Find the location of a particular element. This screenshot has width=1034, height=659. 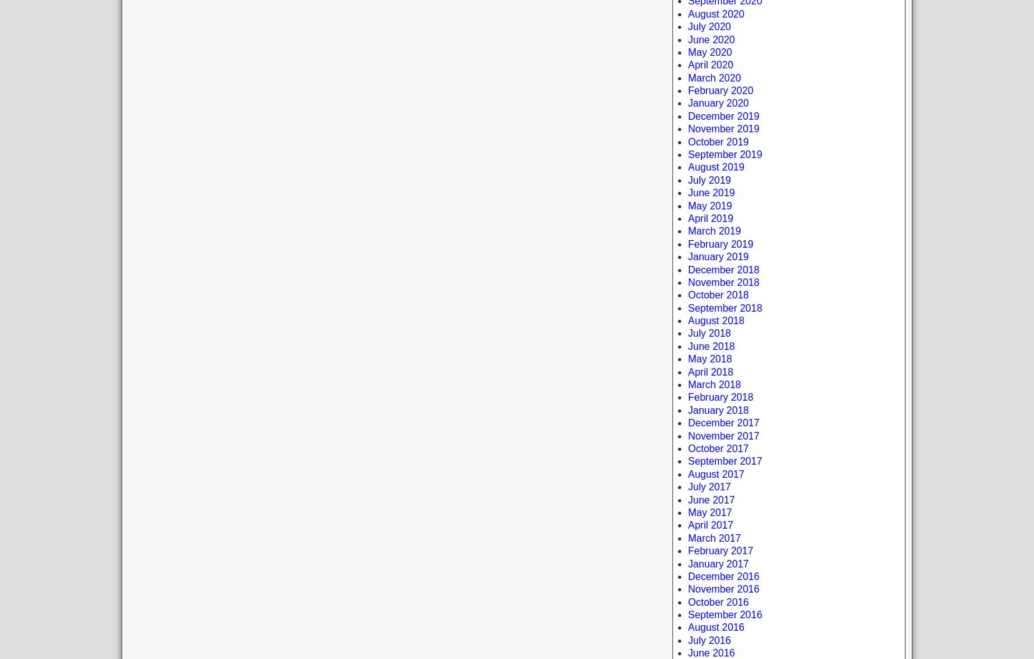

'December 2016' is located at coordinates (688, 576).